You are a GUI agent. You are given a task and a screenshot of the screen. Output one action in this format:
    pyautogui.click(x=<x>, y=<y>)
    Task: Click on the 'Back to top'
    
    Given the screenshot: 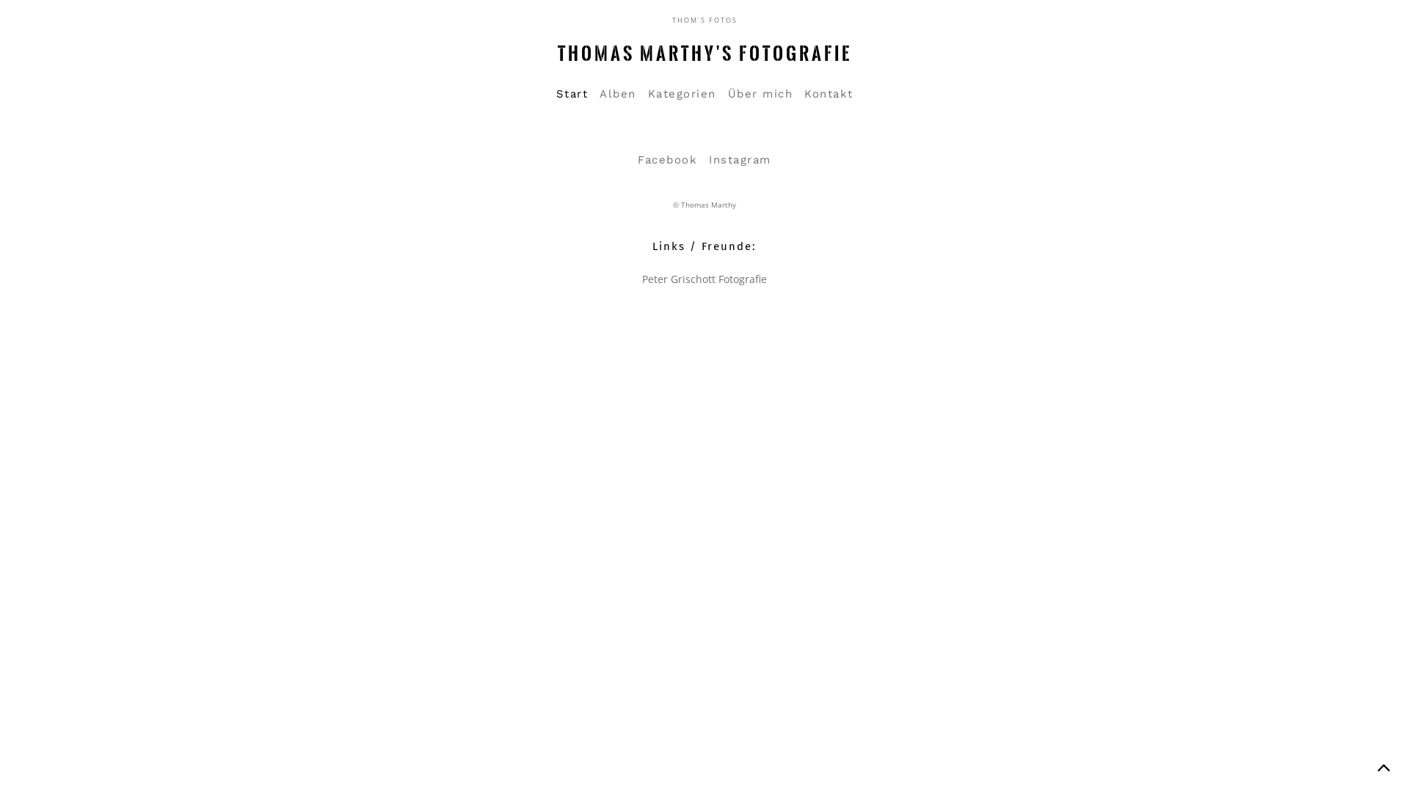 What is the action you would take?
    pyautogui.click(x=1383, y=766)
    